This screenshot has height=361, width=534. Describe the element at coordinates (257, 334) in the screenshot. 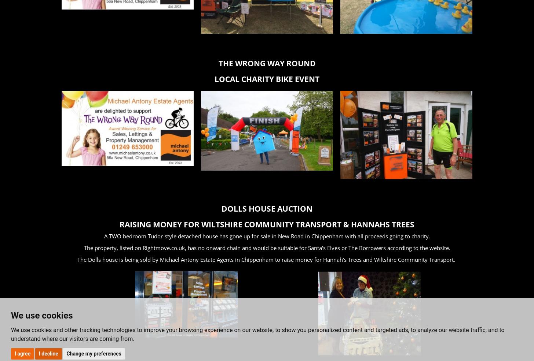

I see `'We use cookies and other tracking technologies to improve your browsing experience on our website, to show you personalized content and targeted ads, to analyze our website traffic, and to understand where our visitors are coming from.'` at that location.